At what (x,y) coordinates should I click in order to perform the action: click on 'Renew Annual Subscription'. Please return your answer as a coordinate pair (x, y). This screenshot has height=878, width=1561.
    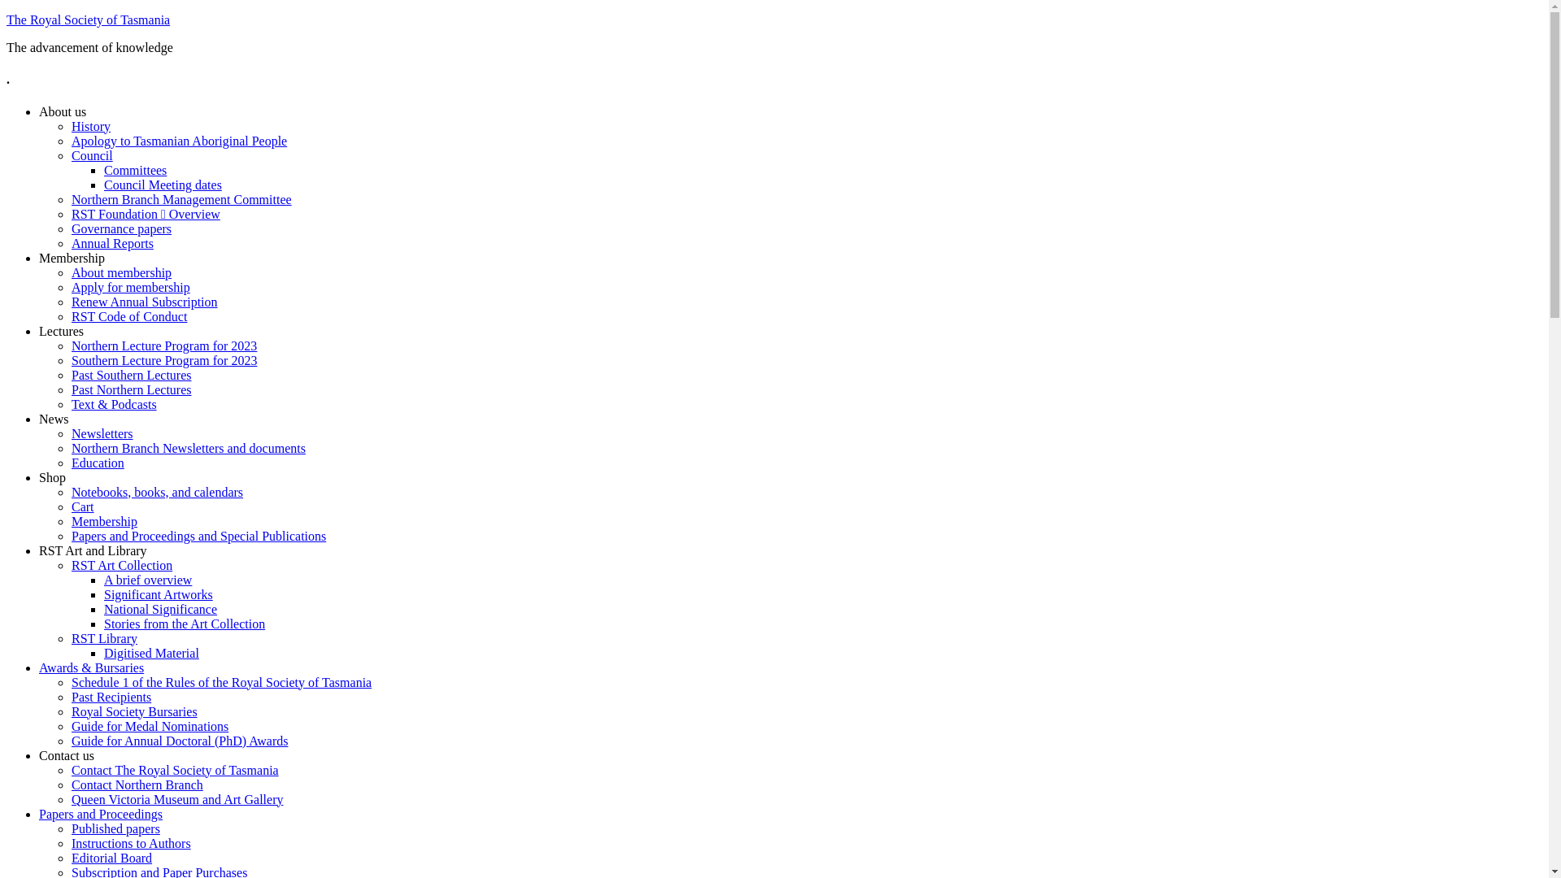
    Looking at the image, I should click on (144, 302).